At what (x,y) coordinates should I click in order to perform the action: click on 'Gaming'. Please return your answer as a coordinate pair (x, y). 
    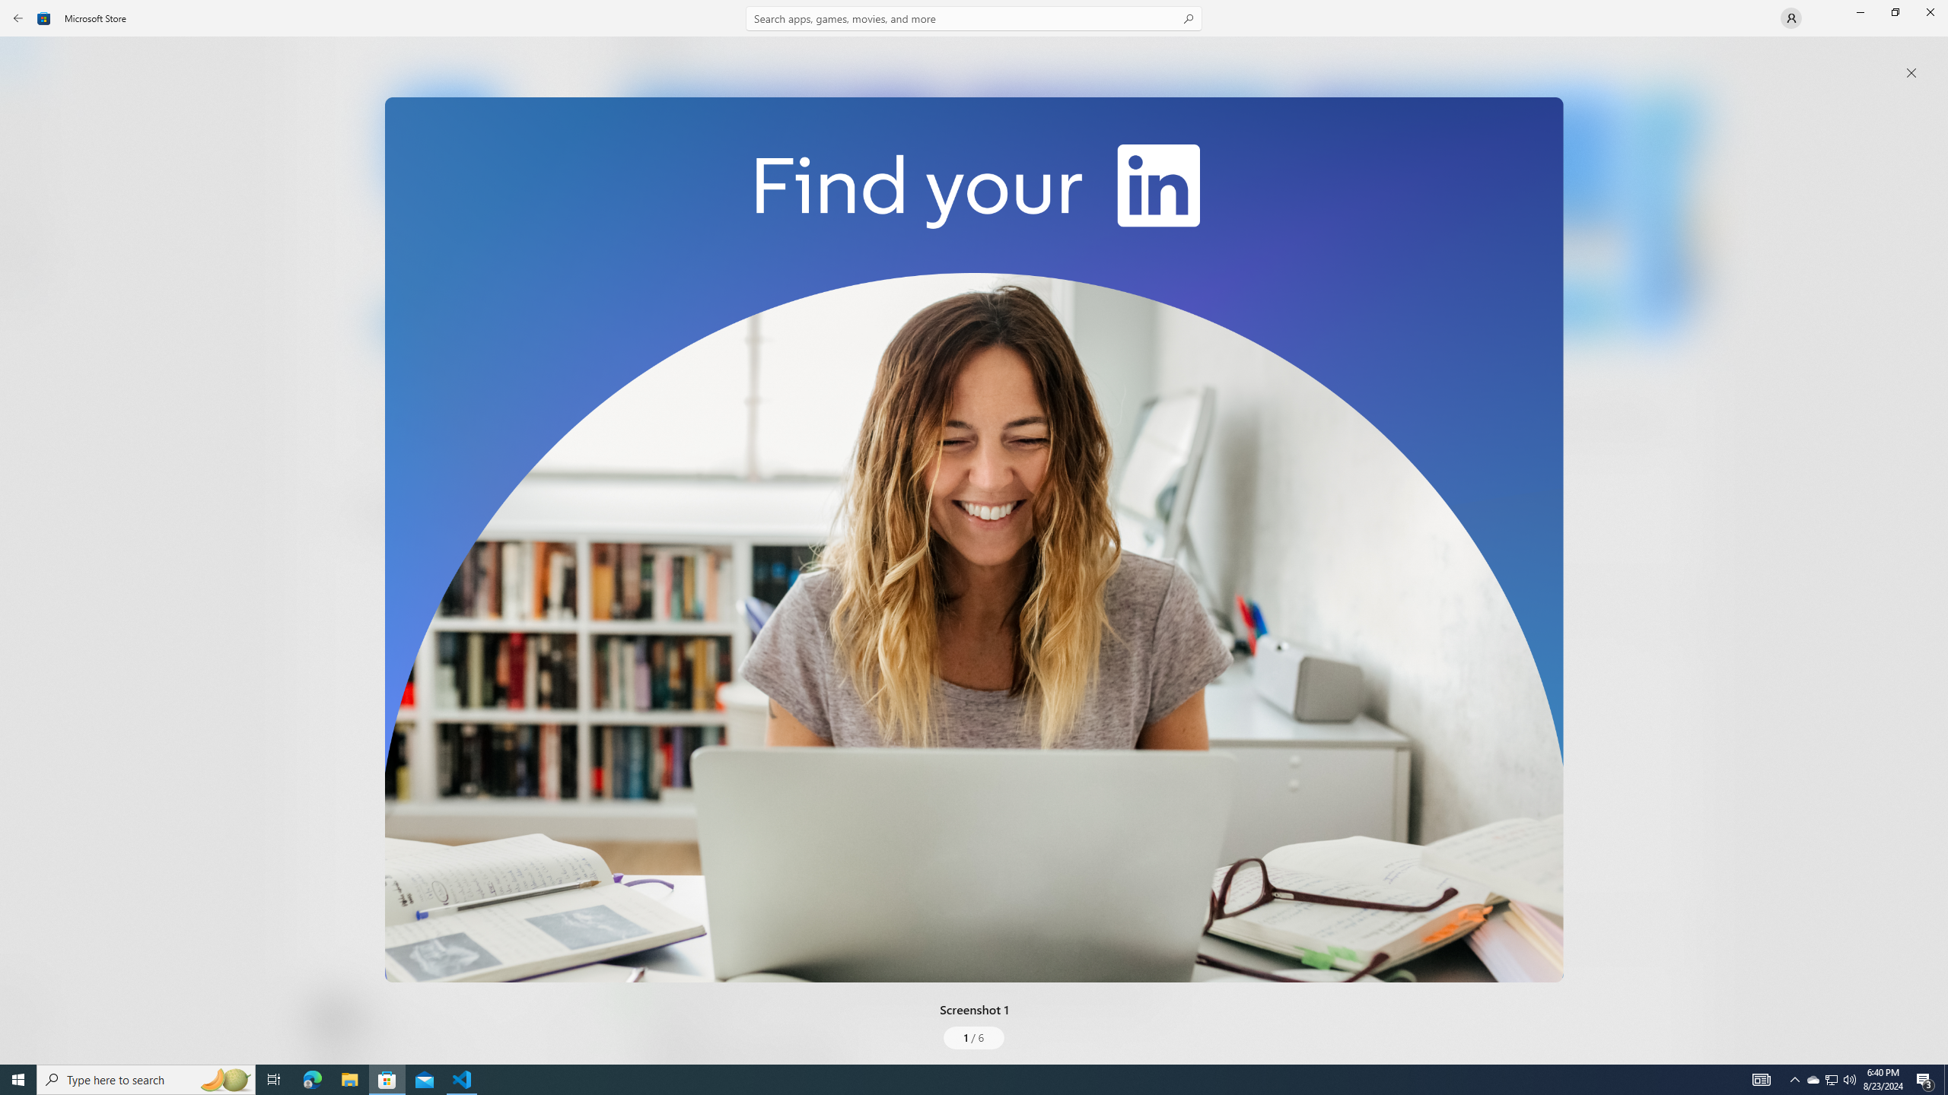
    Looking at the image, I should click on (26, 154).